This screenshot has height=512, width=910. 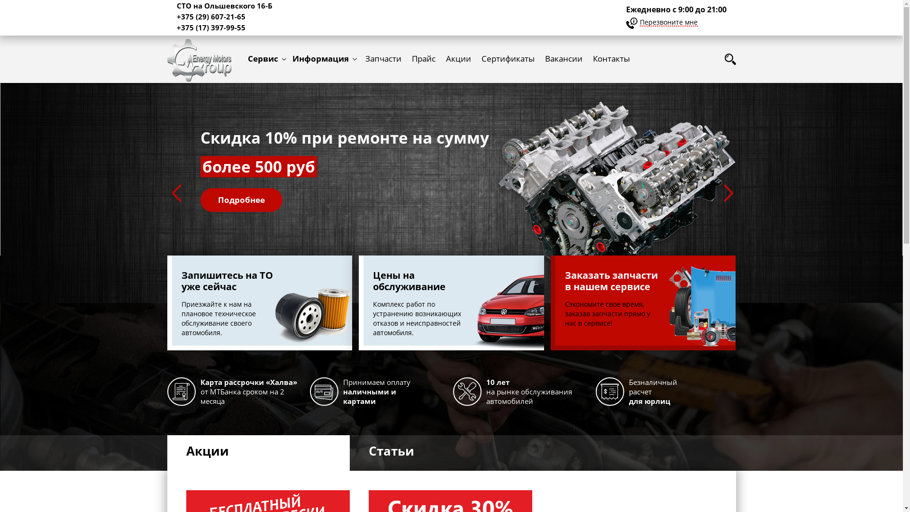 I want to click on '+375 (17) 397-99-55', so click(x=210, y=27).